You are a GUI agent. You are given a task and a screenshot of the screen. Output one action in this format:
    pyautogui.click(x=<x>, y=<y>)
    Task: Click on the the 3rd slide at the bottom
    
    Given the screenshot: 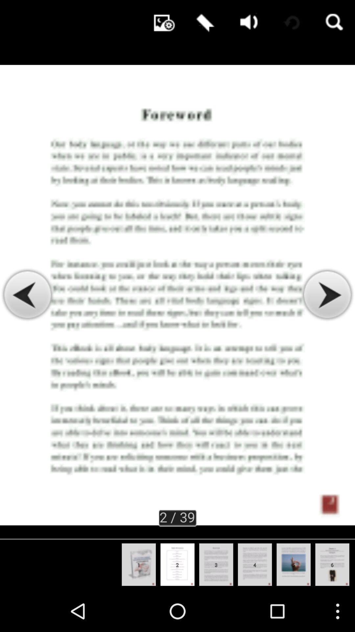 What is the action you would take?
    pyautogui.click(x=216, y=564)
    